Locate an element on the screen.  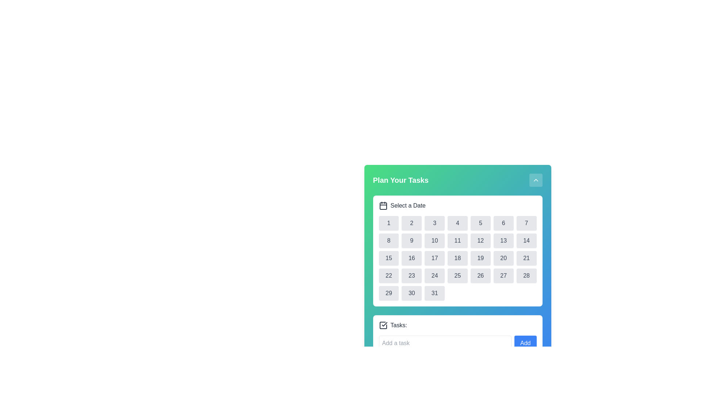
the button that selects the date '13' in the calendar interface within the 'Select a Date' calendar picker is located at coordinates (503, 240).